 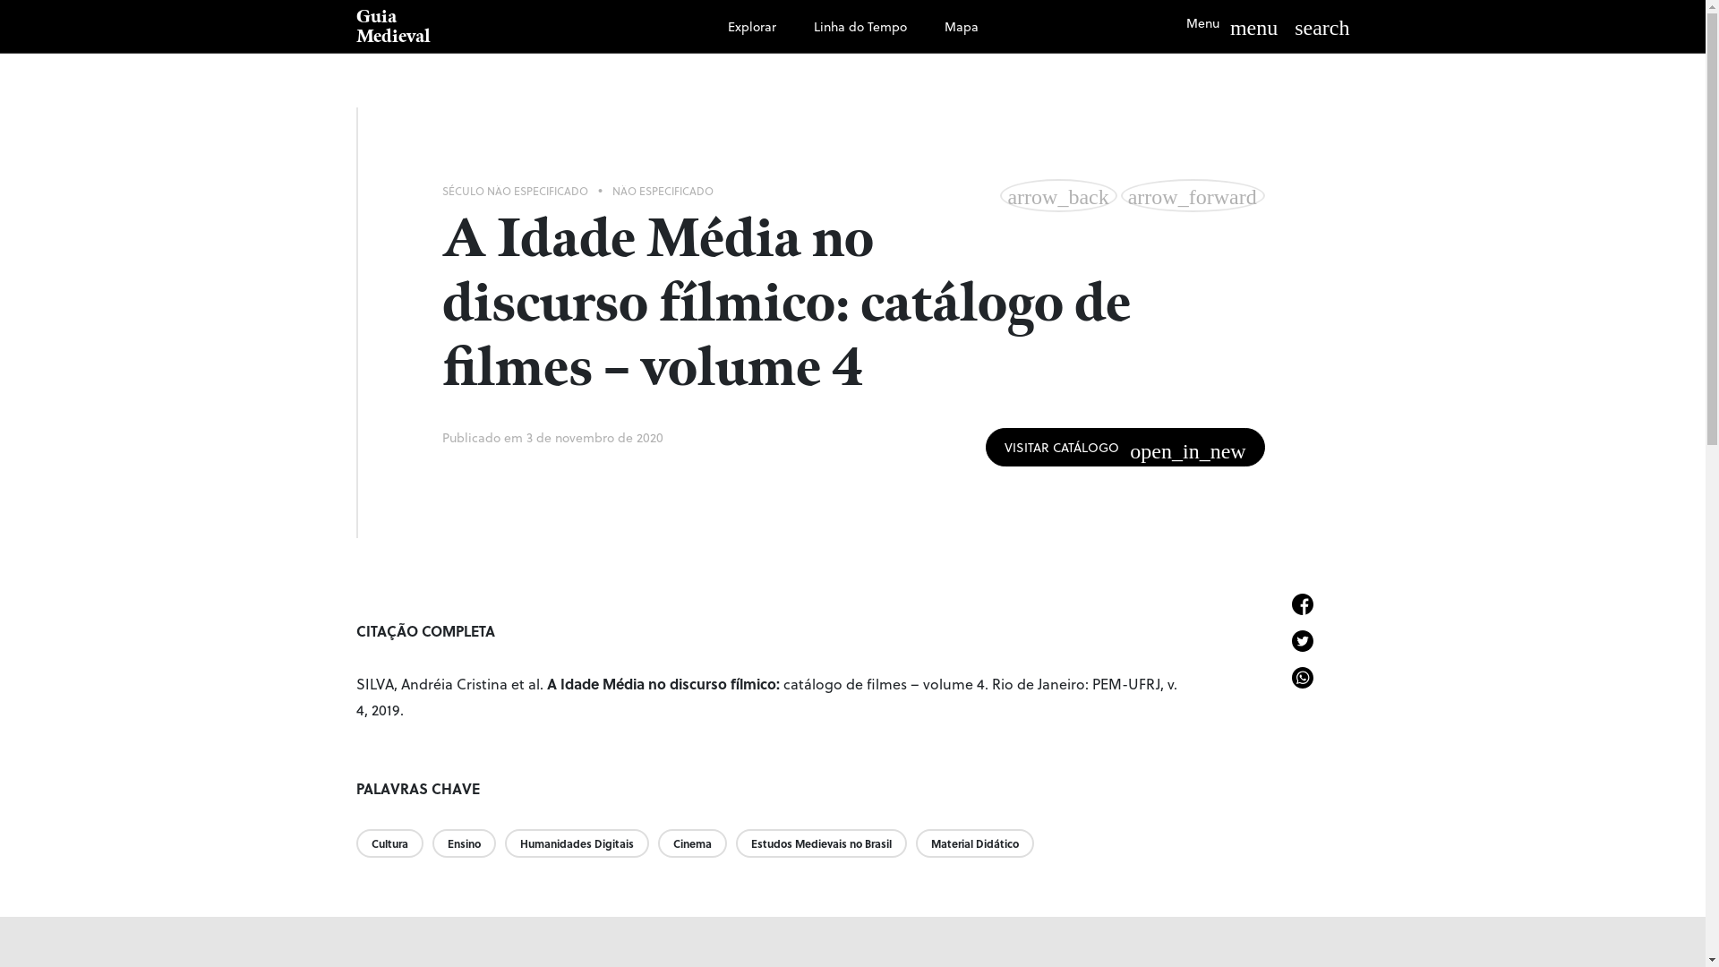 What do you see at coordinates (1057, 195) in the screenshot?
I see `'arrow_back'` at bounding box center [1057, 195].